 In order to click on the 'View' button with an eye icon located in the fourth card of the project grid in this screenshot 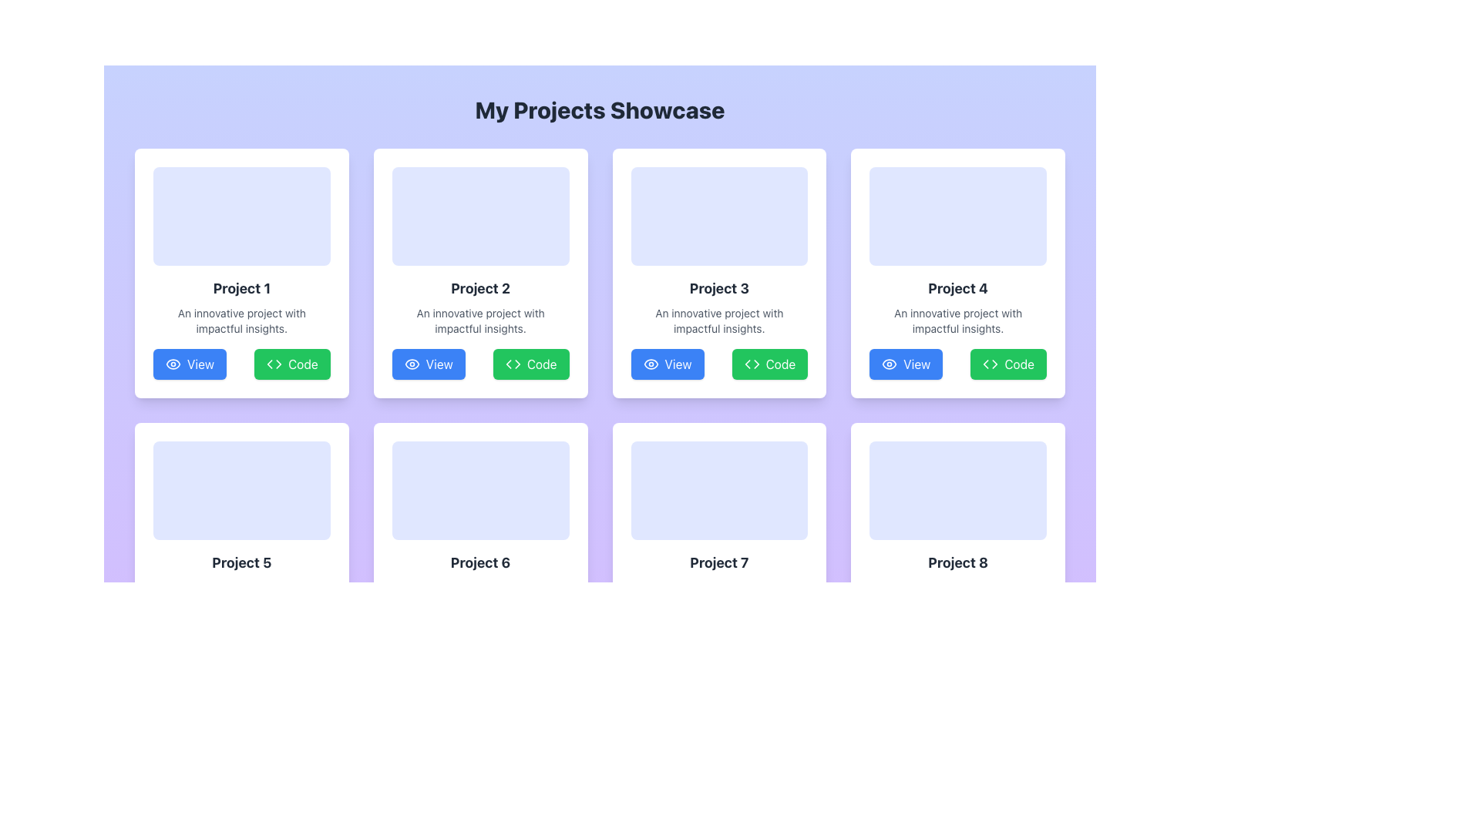, I will do `click(906, 364)`.